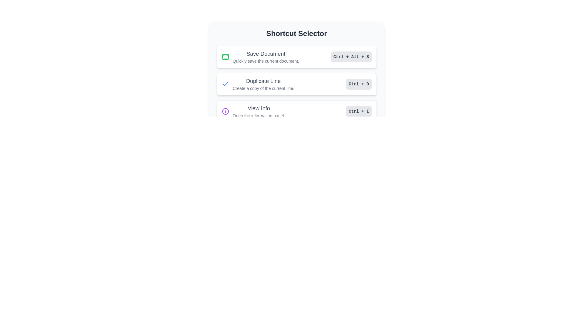 The width and height of the screenshot is (582, 327). Describe the element at coordinates (225, 111) in the screenshot. I see `the circular icon of the 'View Info' button, located below the 'Duplicate Line' option` at that location.